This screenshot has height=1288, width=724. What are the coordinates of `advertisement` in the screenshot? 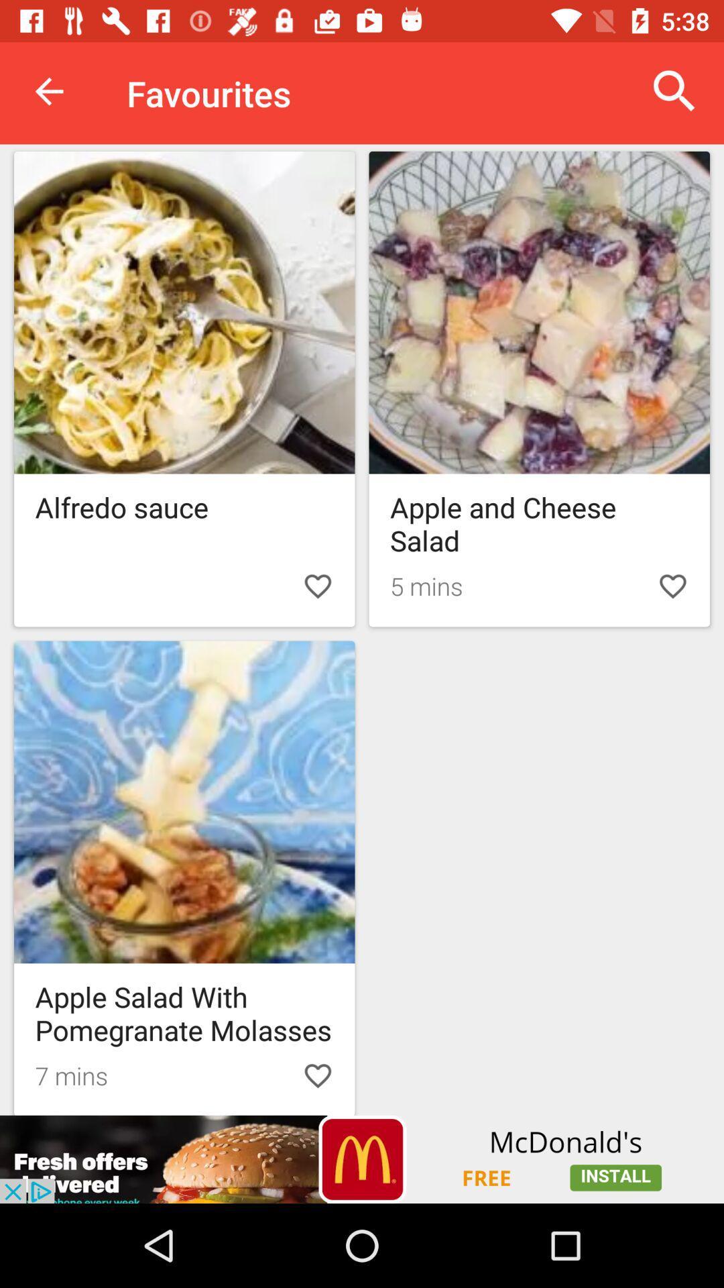 It's located at (362, 1159).